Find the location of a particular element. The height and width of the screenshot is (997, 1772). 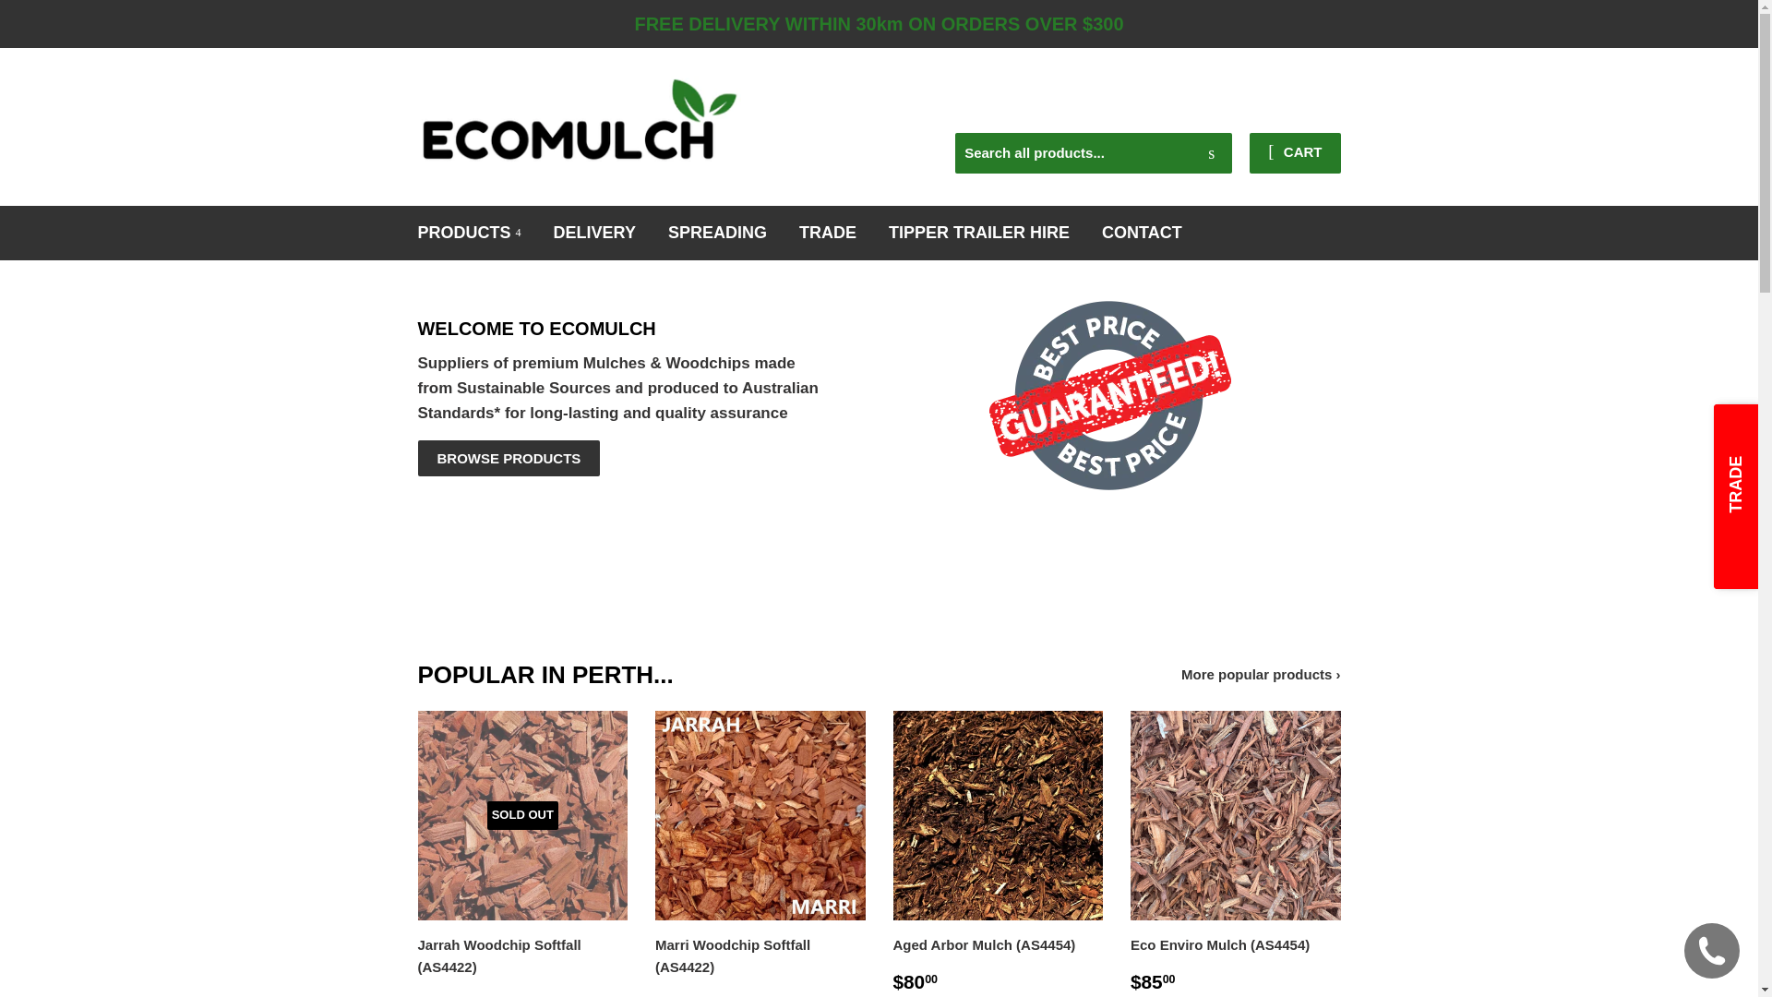

'Sign in' is located at coordinates (1190, 108).